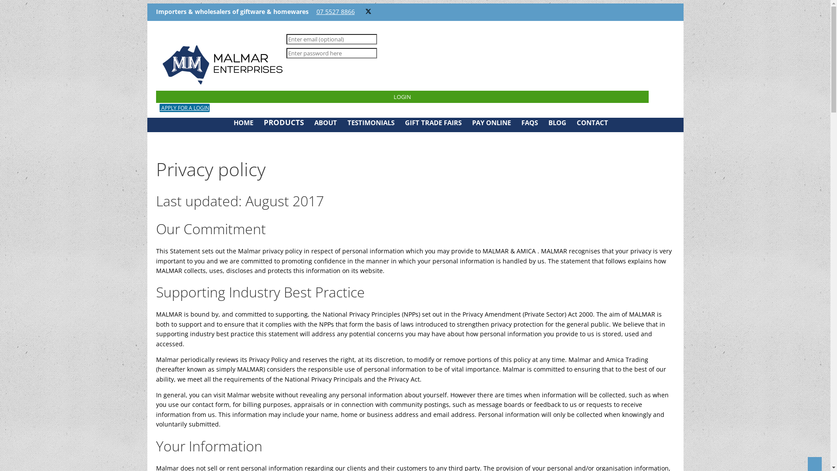 Image resolution: width=837 pixels, height=471 pixels. Describe the element at coordinates (335, 11) in the screenshot. I see `'07 5527 8866'` at that location.